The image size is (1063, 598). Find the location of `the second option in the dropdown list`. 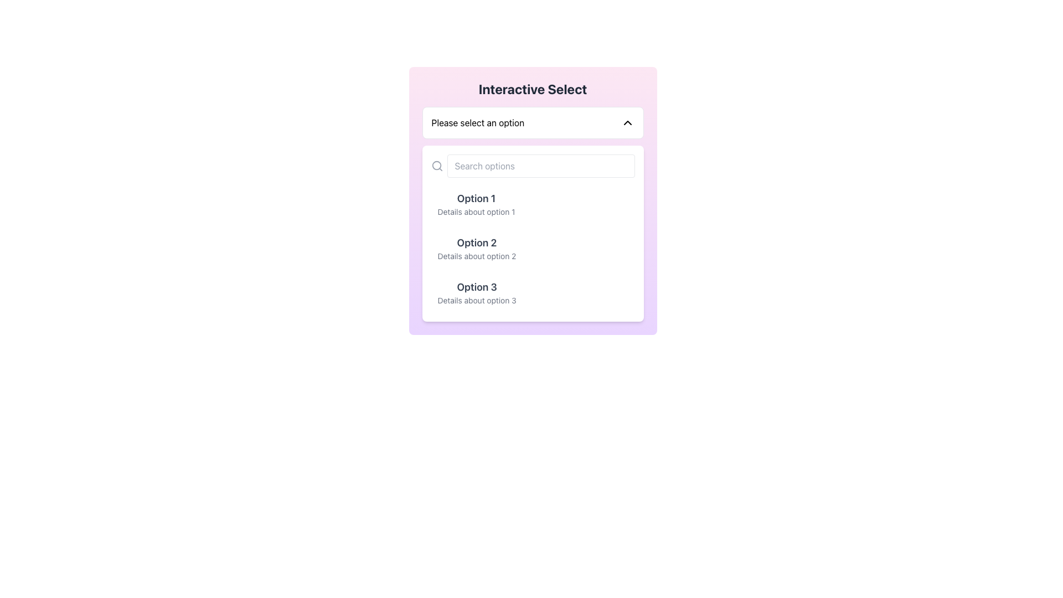

the second option in the dropdown list is located at coordinates (533, 248).